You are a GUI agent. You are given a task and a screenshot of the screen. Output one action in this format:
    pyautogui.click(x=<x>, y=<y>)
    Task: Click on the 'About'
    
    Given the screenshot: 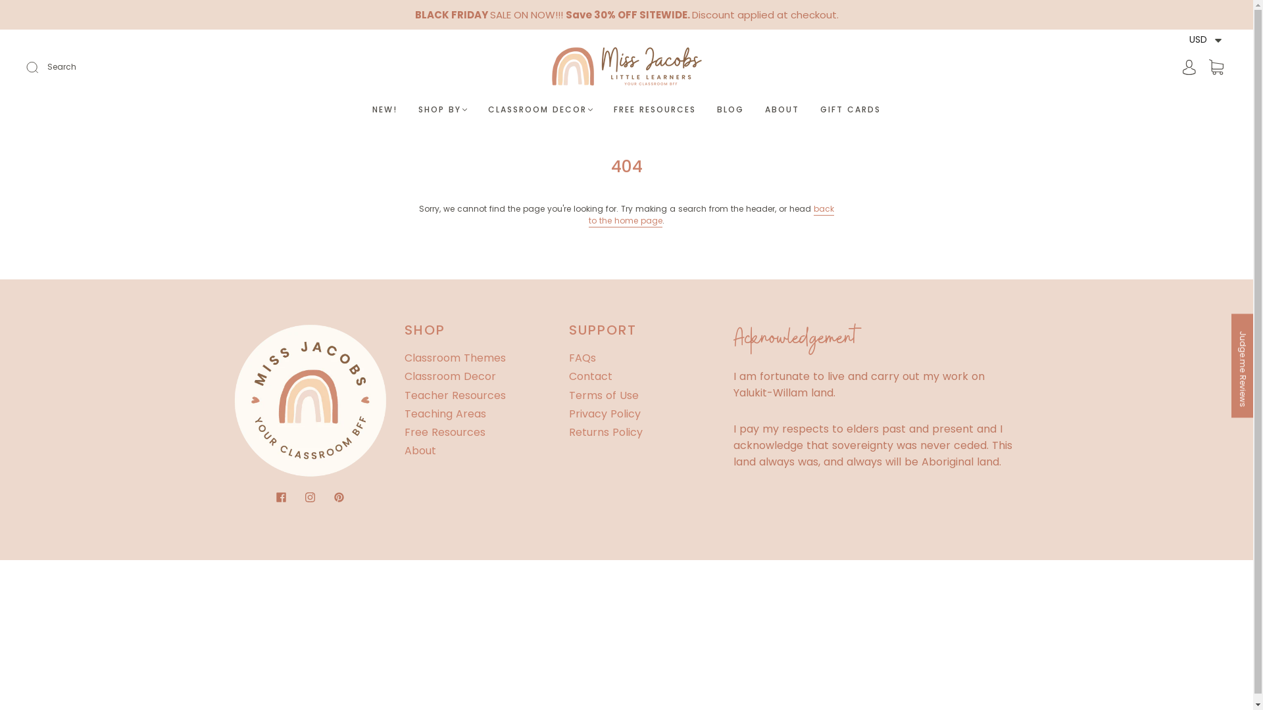 What is the action you would take?
    pyautogui.click(x=419, y=450)
    